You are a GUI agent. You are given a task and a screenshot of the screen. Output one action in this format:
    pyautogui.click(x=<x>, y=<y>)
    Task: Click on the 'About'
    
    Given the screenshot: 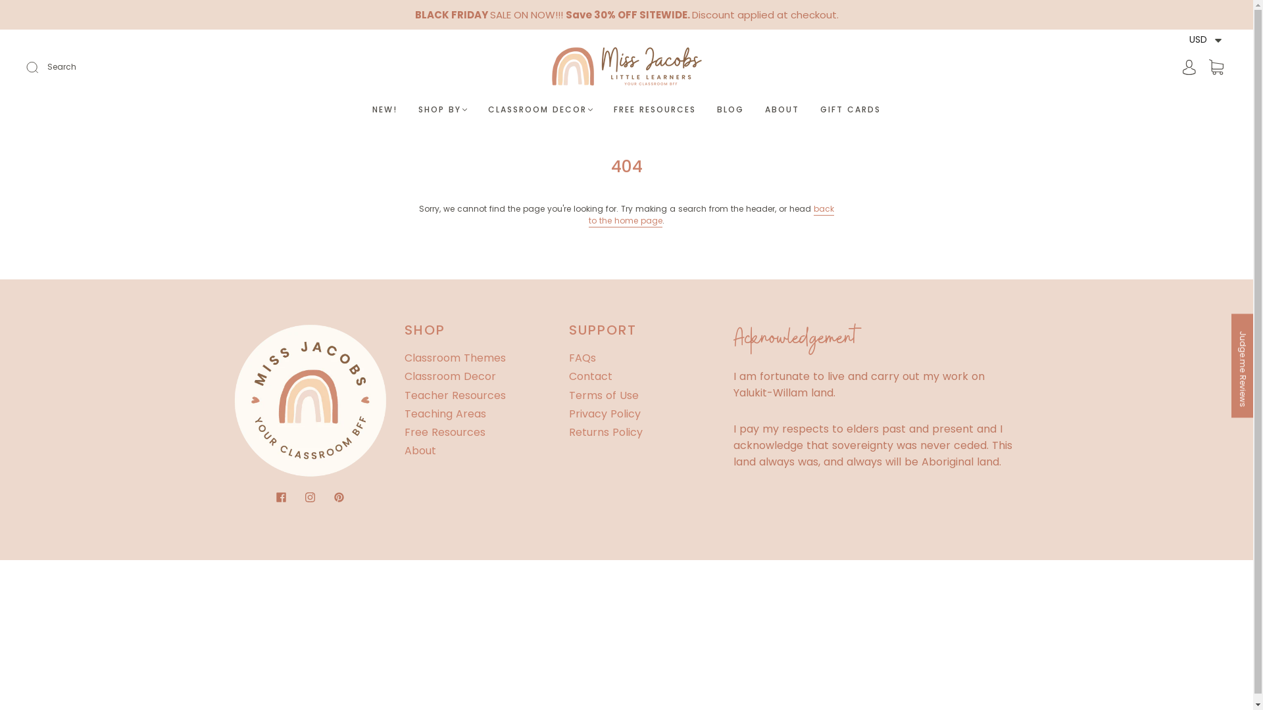 What is the action you would take?
    pyautogui.click(x=419, y=450)
    